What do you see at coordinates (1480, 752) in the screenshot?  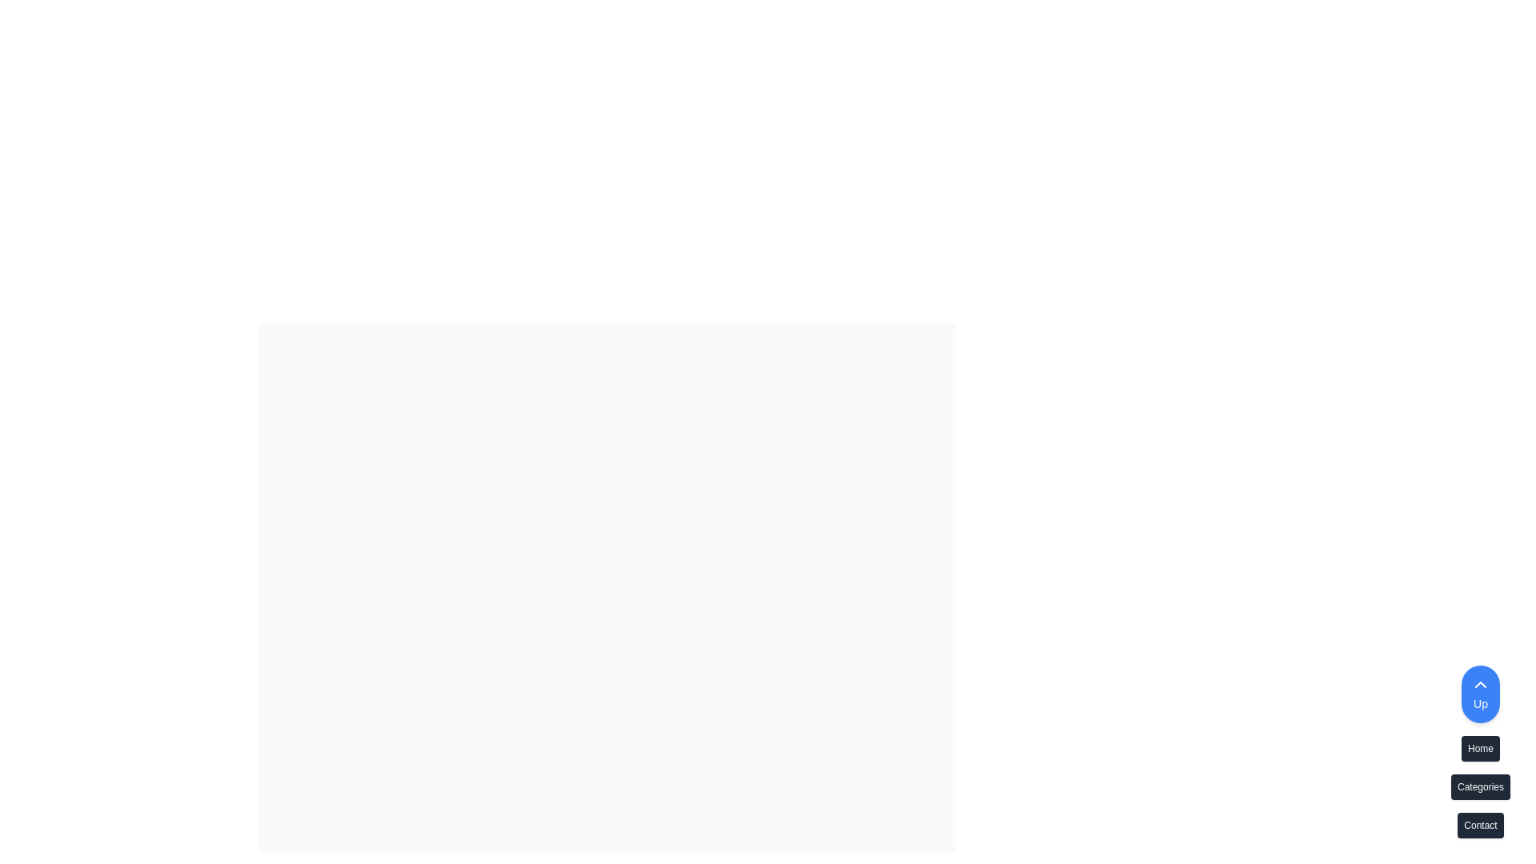 I see `the 'Home' button, a small dark gray button with white text, located below the blue 'Up' button in the vertical stack` at bounding box center [1480, 752].